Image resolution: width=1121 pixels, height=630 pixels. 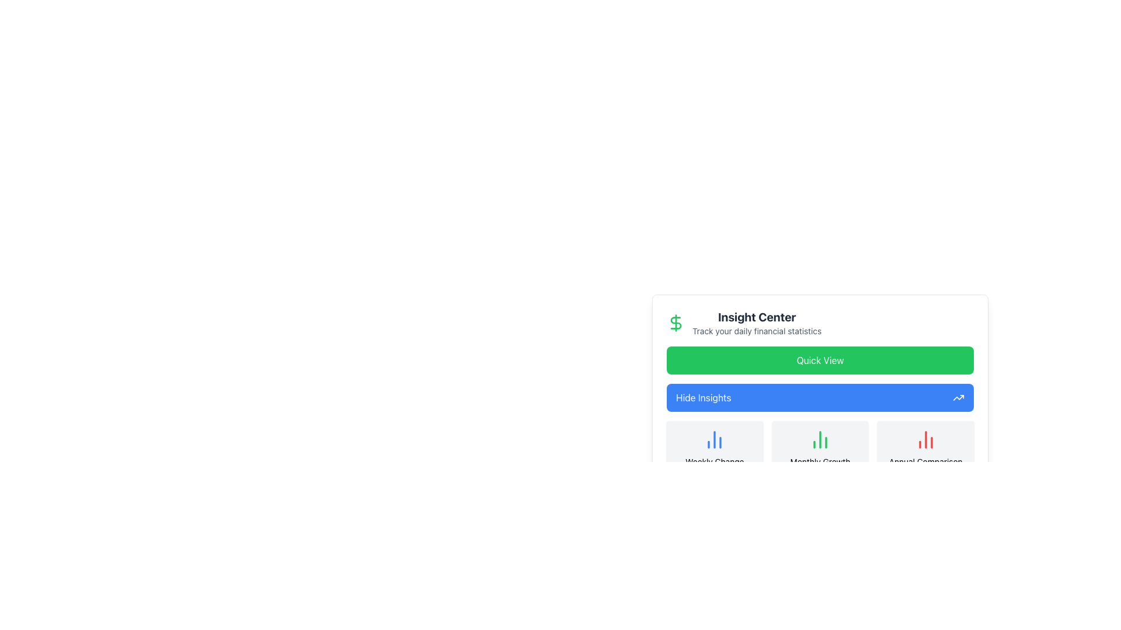 I want to click on the text label that serves as a heading for the section, positioned above a caption that reads 'Track your daily financial statistics', so click(x=757, y=317).